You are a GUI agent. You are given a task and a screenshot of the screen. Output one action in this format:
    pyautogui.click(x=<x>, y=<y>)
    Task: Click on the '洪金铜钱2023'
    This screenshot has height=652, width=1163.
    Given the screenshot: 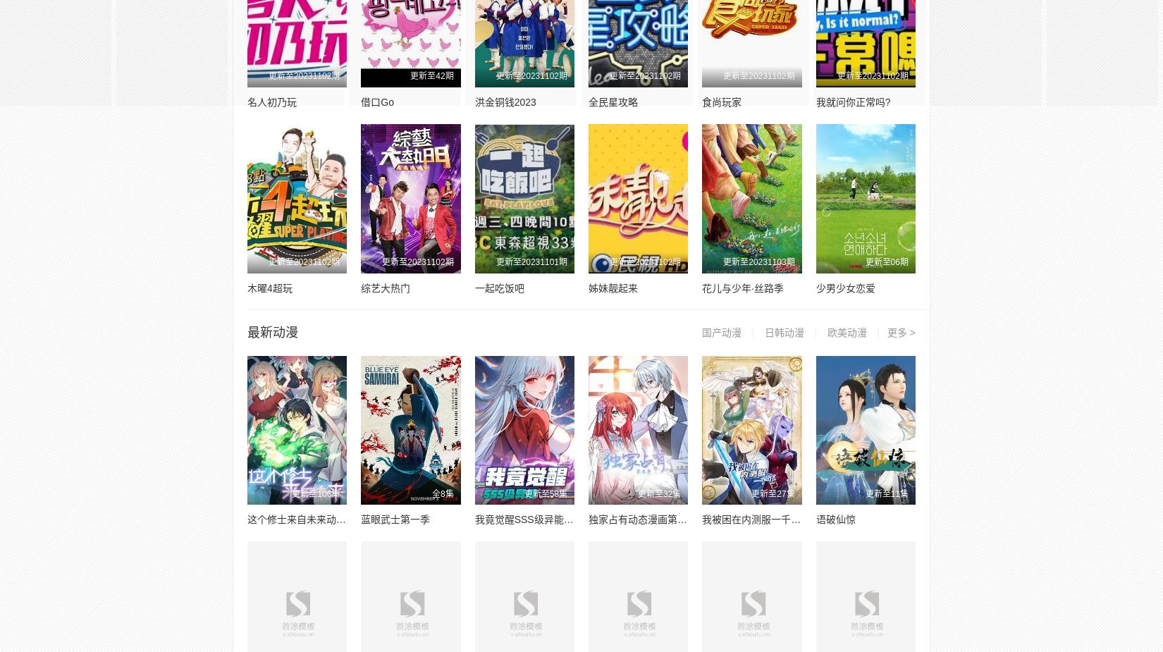 What is the action you would take?
    pyautogui.click(x=504, y=101)
    